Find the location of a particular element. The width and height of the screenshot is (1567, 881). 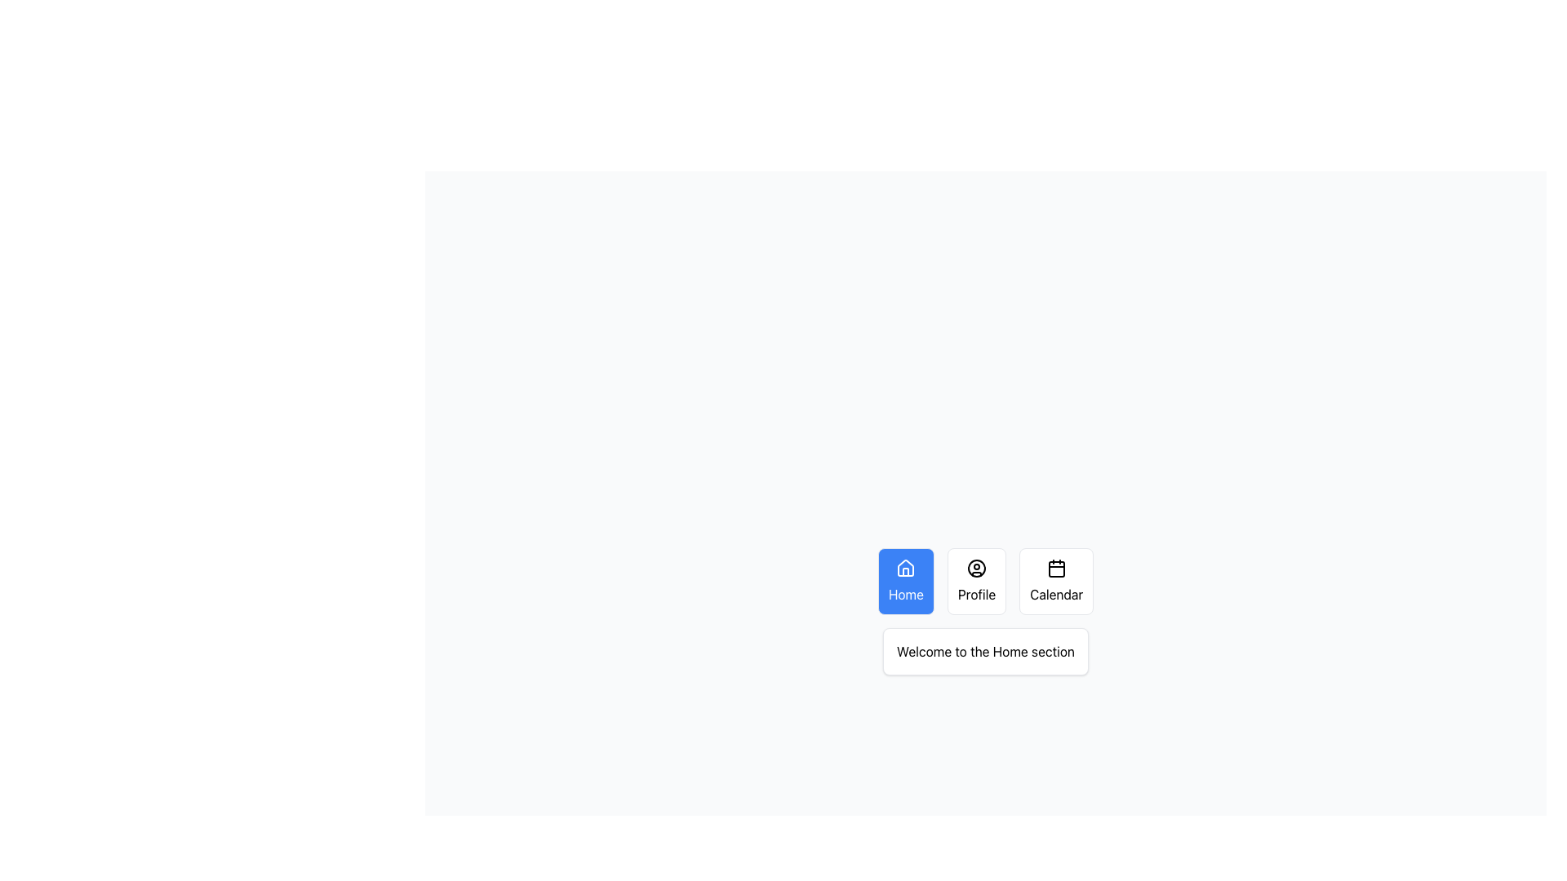

the 'home' icon located at the center-left of the horizontal navigation bar is located at coordinates (905, 571).